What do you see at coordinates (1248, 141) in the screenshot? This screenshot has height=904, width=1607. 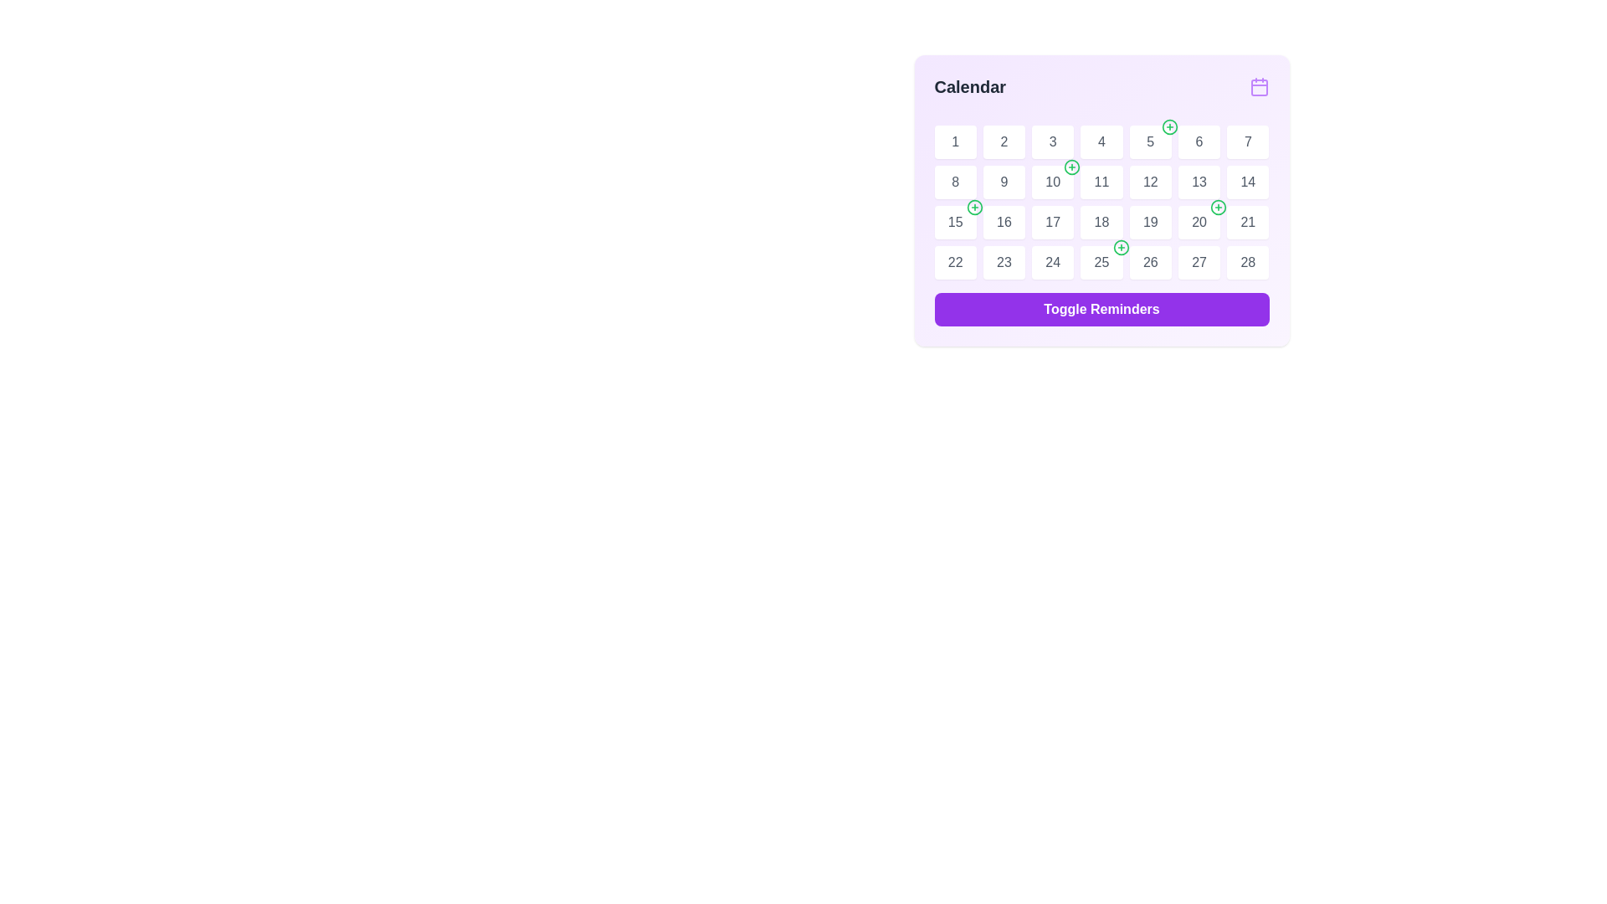 I see `the text box displaying the number '7' in the first row of the grid layout, which is the seventh cell from the left within a calendar interface` at bounding box center [1248, 141].